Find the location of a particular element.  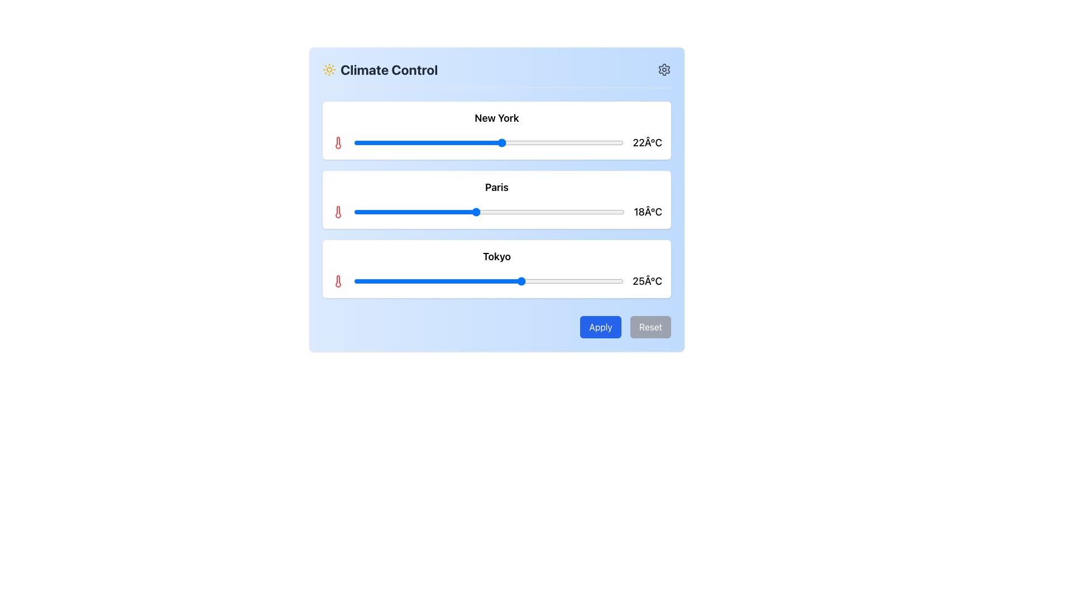

the Tokyo temperature is located at coordinates (610, 281).